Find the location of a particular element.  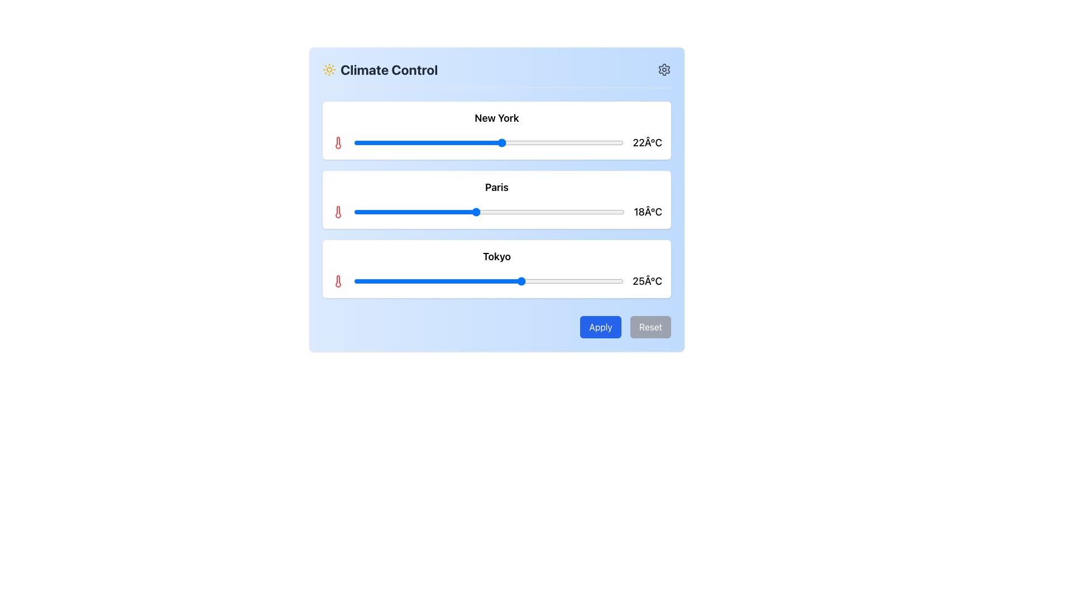

the Tokyo temperature is located at coordinates (610, 281).